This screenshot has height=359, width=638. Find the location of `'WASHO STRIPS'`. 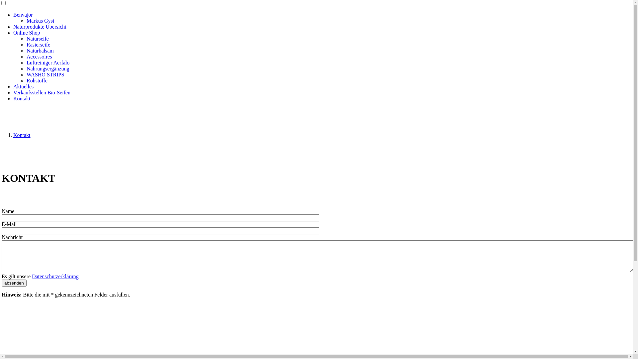

'WASHO STRIPS' is located at coordinates (45, 74).